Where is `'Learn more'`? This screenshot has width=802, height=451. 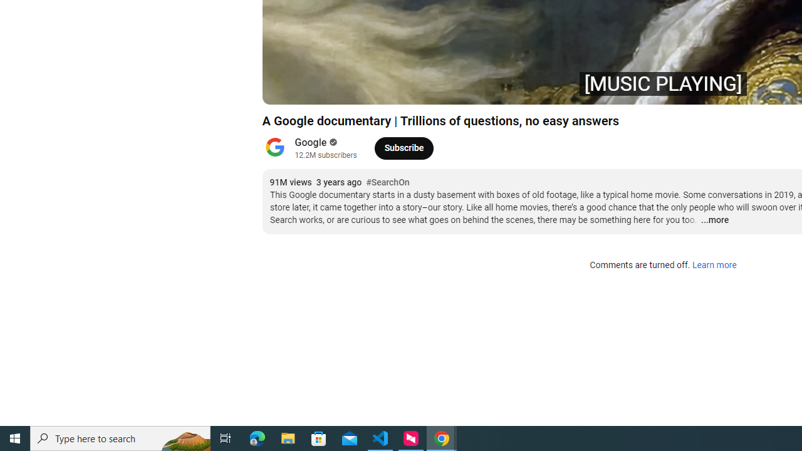
'Learn more' is located at coordinates (714, 265).